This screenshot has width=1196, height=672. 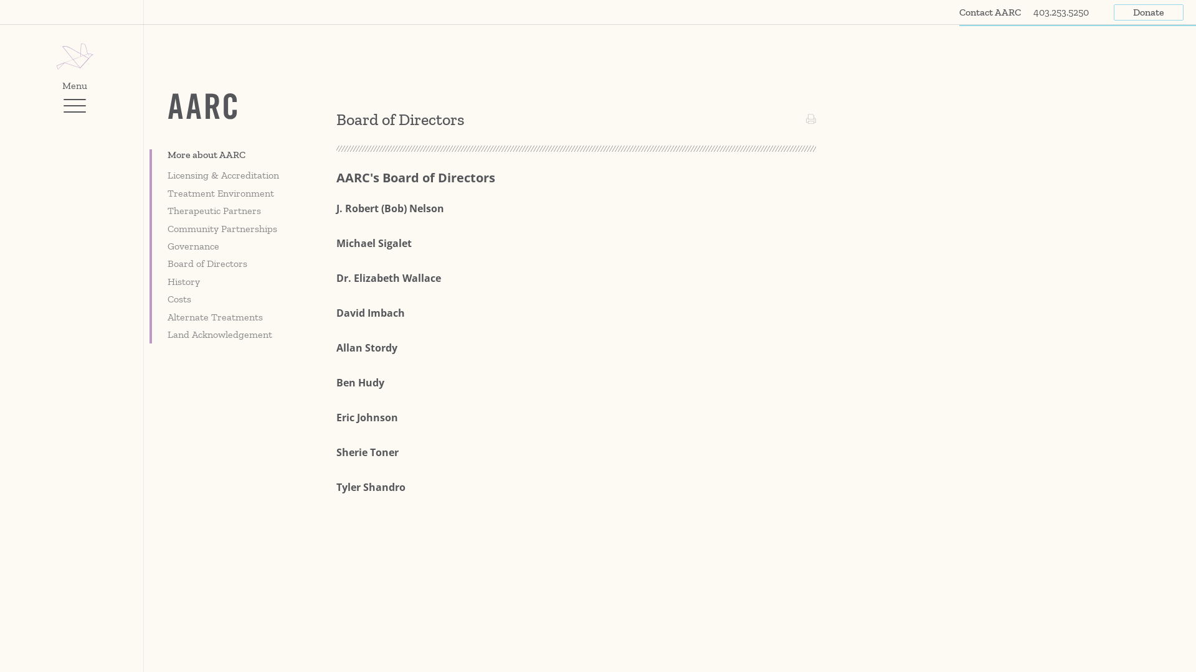 I want to click on 'Alternate Treatments', so click(x=233, y=316).